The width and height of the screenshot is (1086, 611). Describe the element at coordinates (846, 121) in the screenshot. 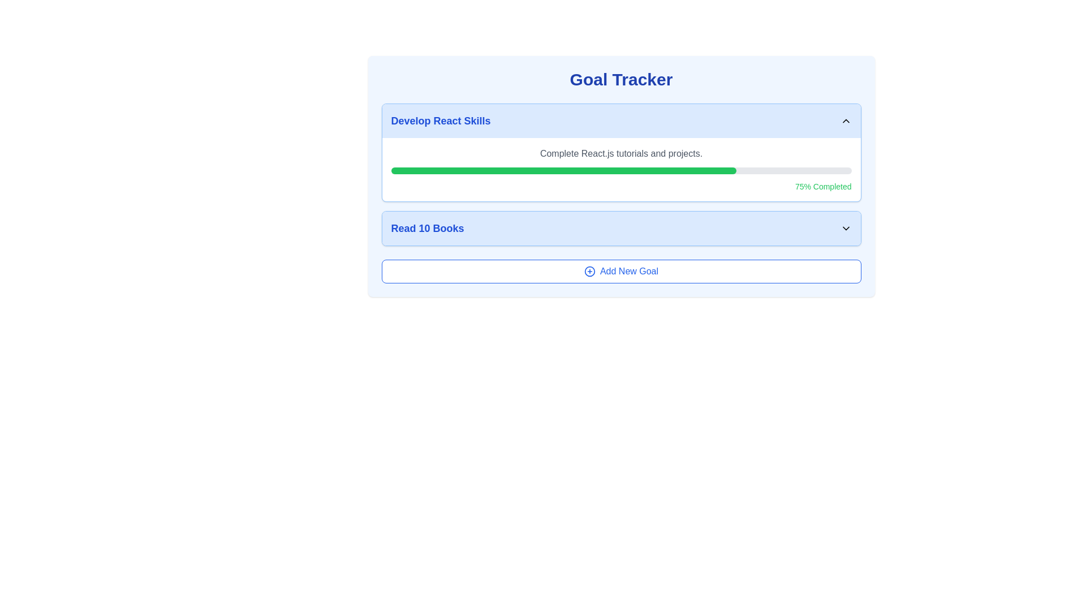

I see `the chevron-up icon located in the top-right corner of the 'Develop React Skills' card header` at that location.